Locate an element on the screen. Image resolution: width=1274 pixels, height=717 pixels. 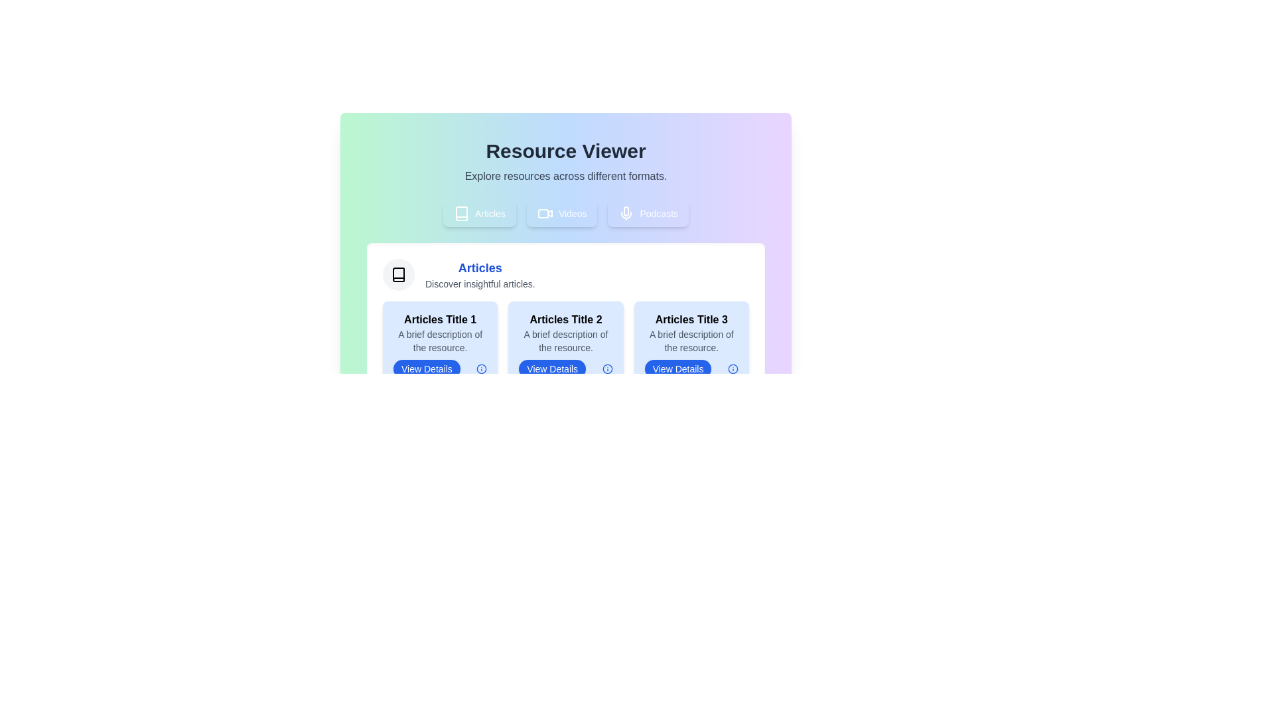
the rectangular button labeled 'View Details' with a blue background and white text, located at the bottom of the card for 'Articles Title 2' is located at coordinates (566, 368).